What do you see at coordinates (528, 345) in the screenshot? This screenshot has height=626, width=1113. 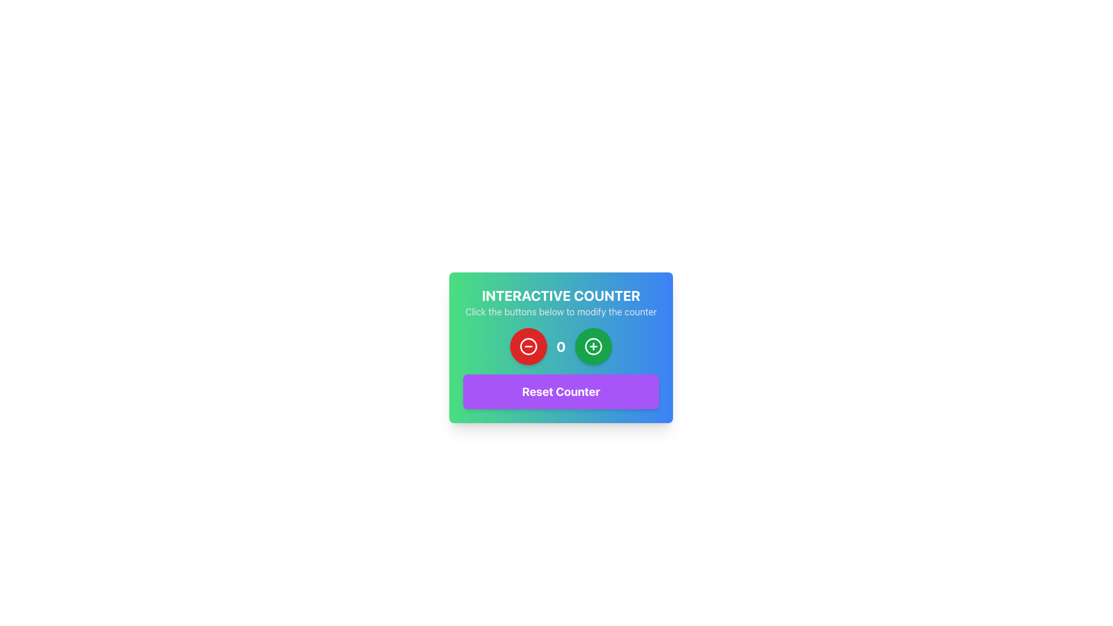 I see `the decrement icon located within the left red button of the green-blue gradient box, which is one of two circular buttons flanking the central counter display` at bounding box center [528, 345].